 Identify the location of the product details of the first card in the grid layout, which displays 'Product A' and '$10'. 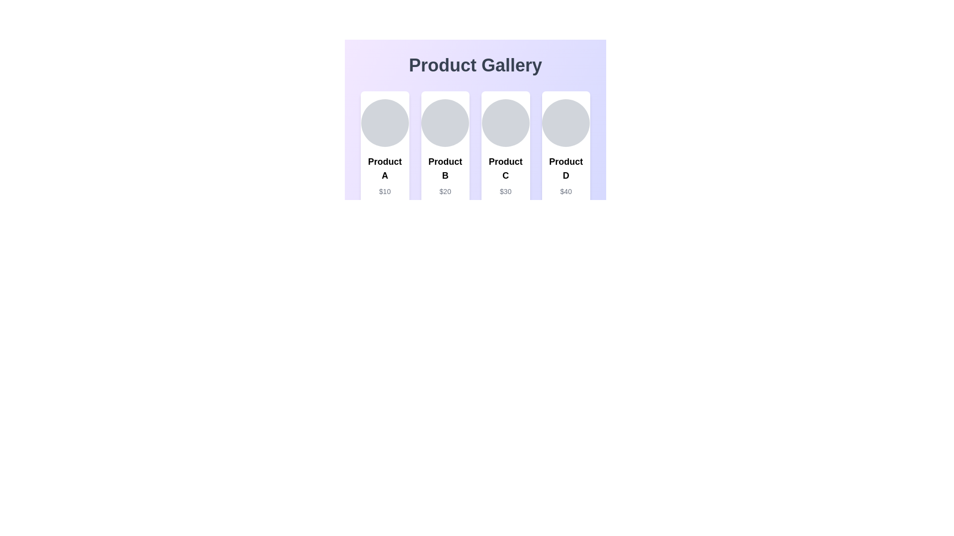
(384, 160).